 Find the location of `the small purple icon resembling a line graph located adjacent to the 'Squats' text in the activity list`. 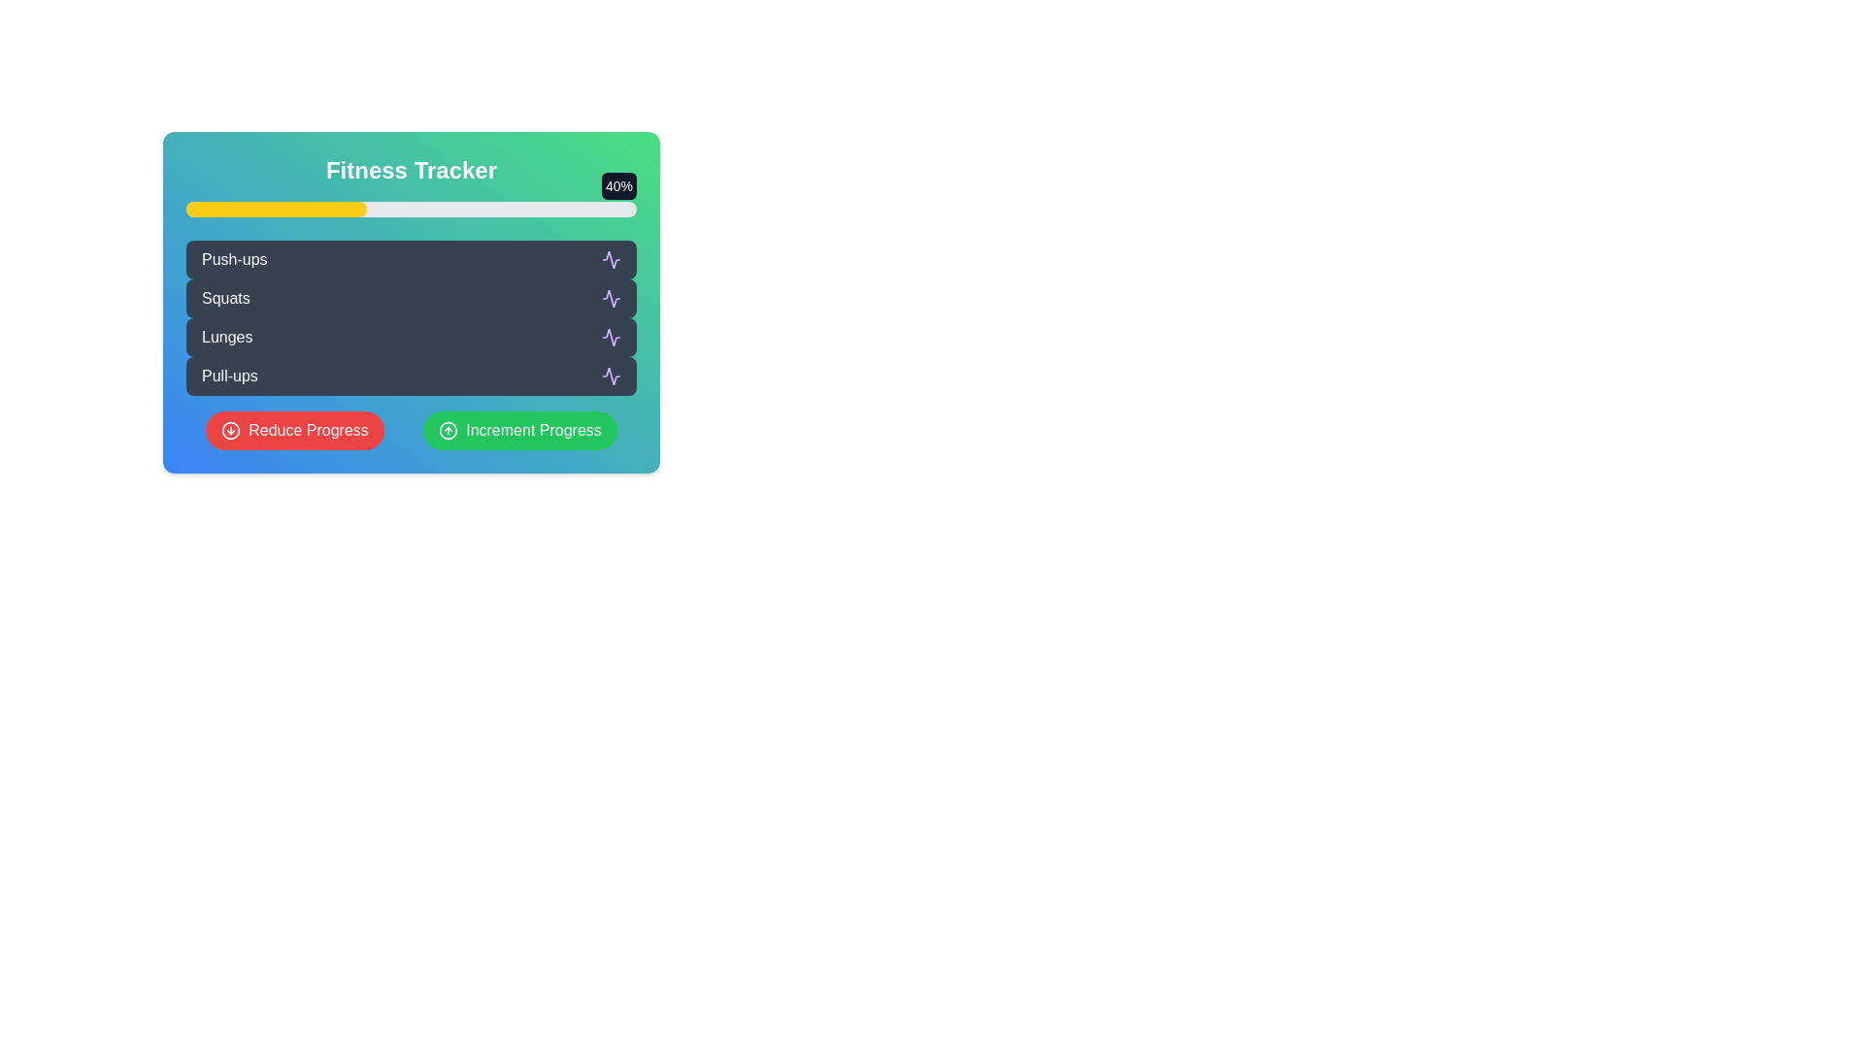

the small purple icon resembling a line graph located adjacent to the 'Squats' text in the activity list is located at coordinates (610, 299).